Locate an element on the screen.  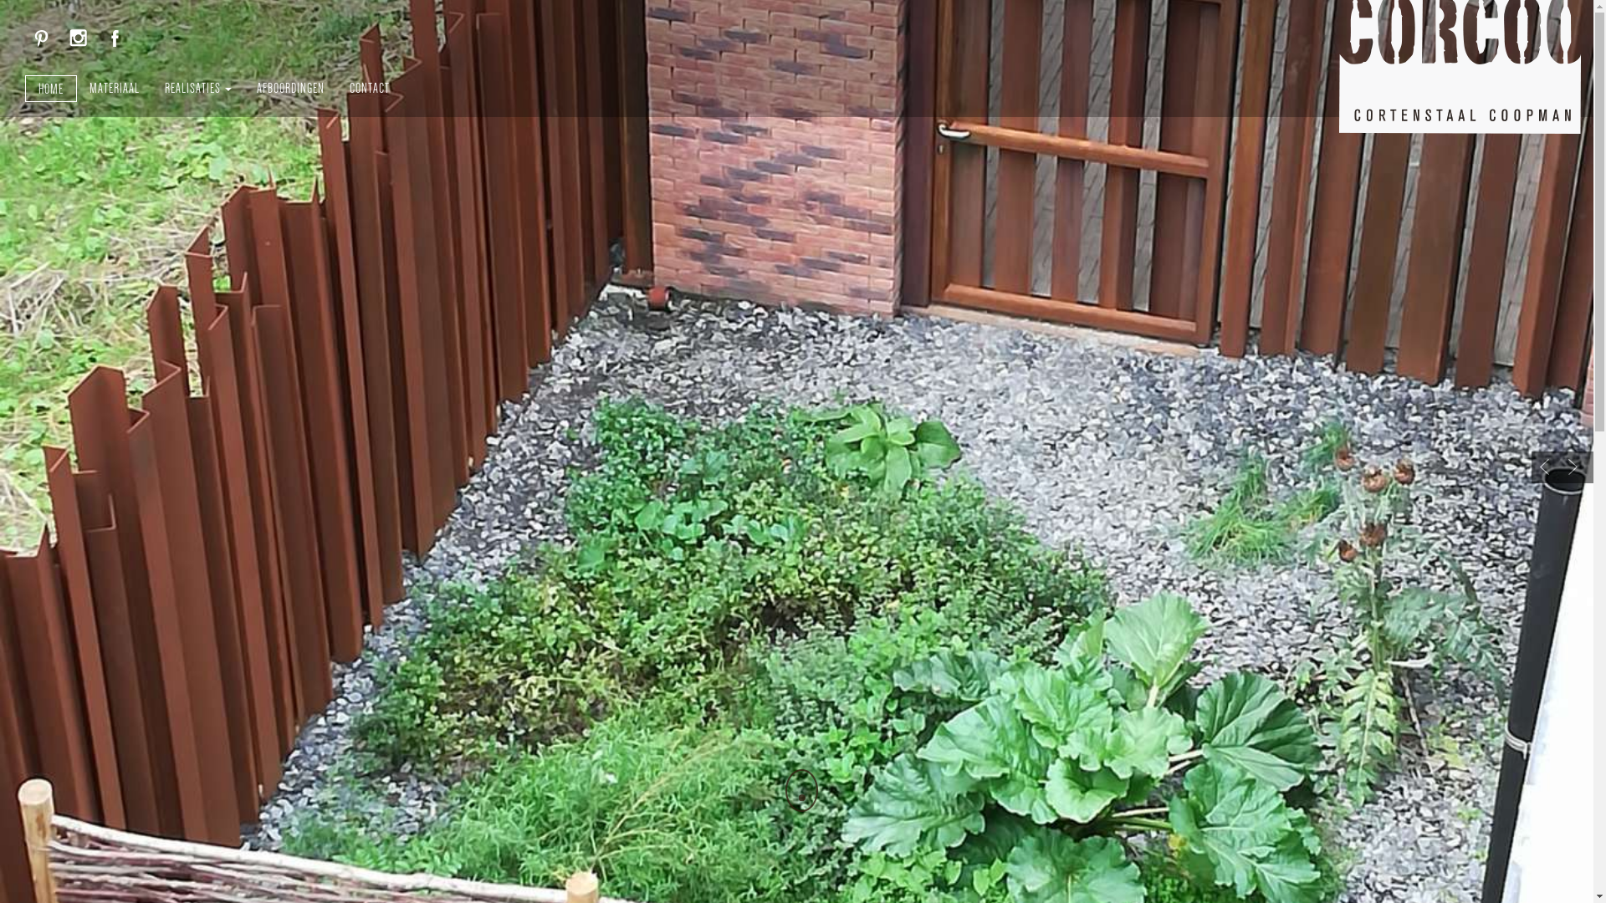
'Pinterest' is located at coordinates (41, 38).